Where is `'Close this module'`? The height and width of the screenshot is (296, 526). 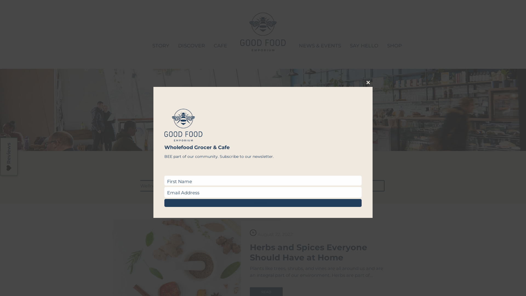
'Close this module' is located at coordinates (368, 82).